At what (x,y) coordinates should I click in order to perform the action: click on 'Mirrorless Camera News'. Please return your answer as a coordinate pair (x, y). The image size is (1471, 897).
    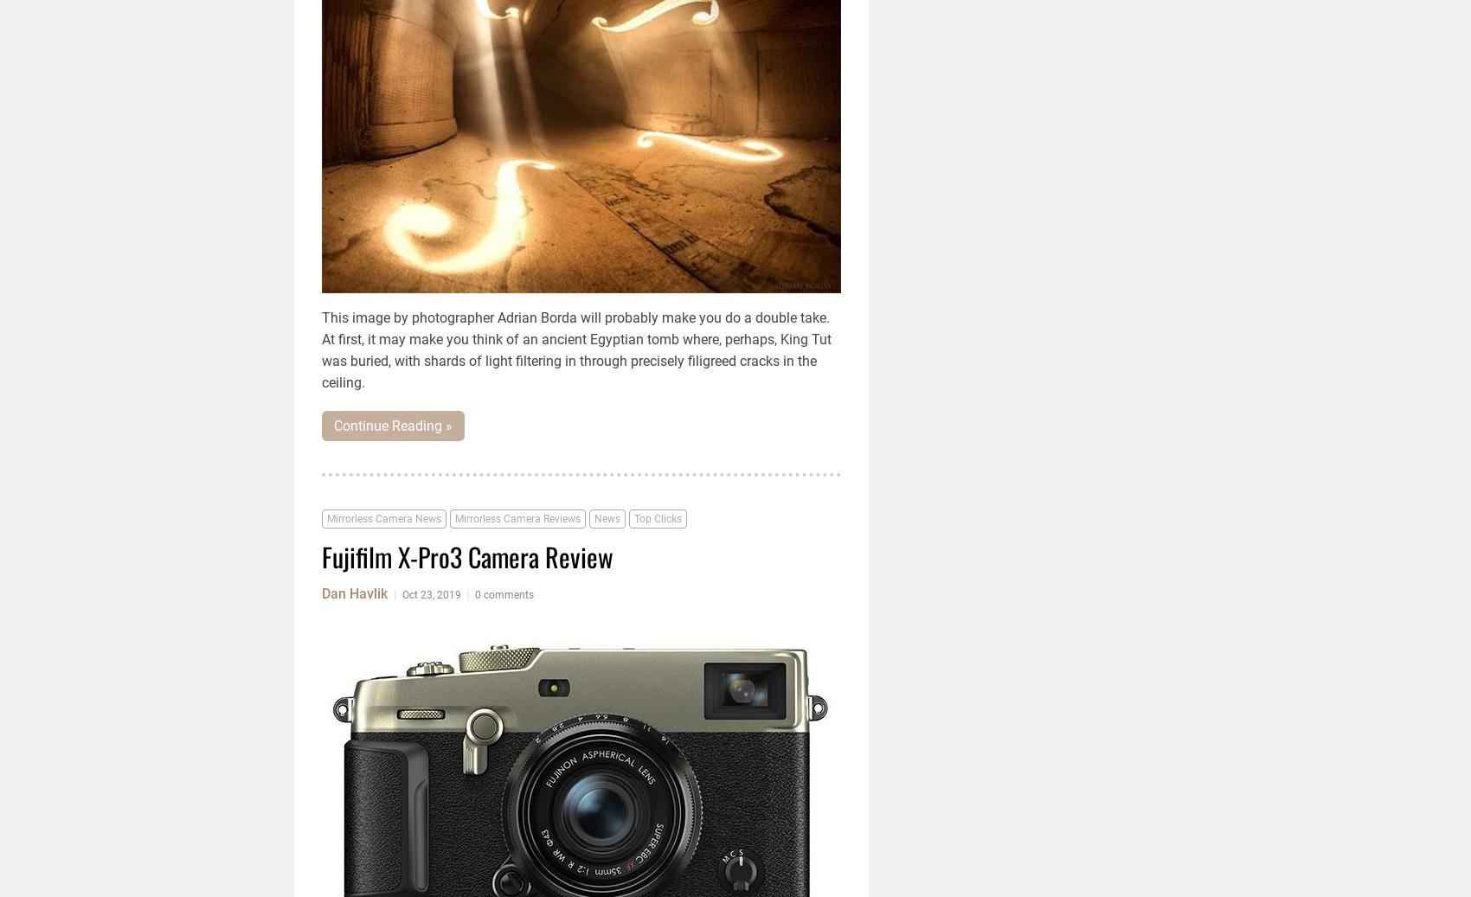
    Looking at the image, I should click on (384, 519).